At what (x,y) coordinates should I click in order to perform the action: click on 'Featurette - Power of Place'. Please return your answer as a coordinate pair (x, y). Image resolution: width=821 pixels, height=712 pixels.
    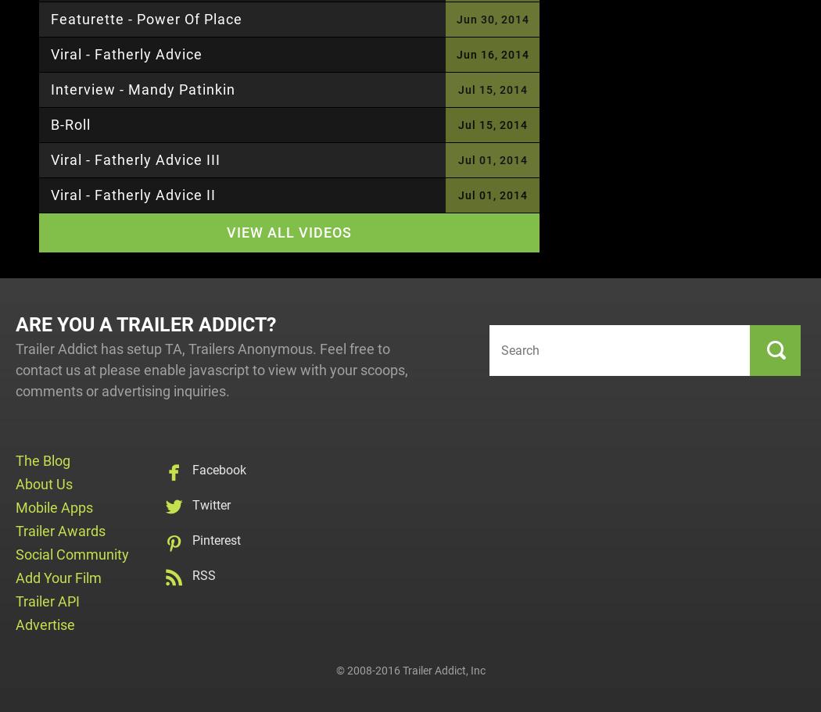
    Looking at the image, I should click on (49, 18).